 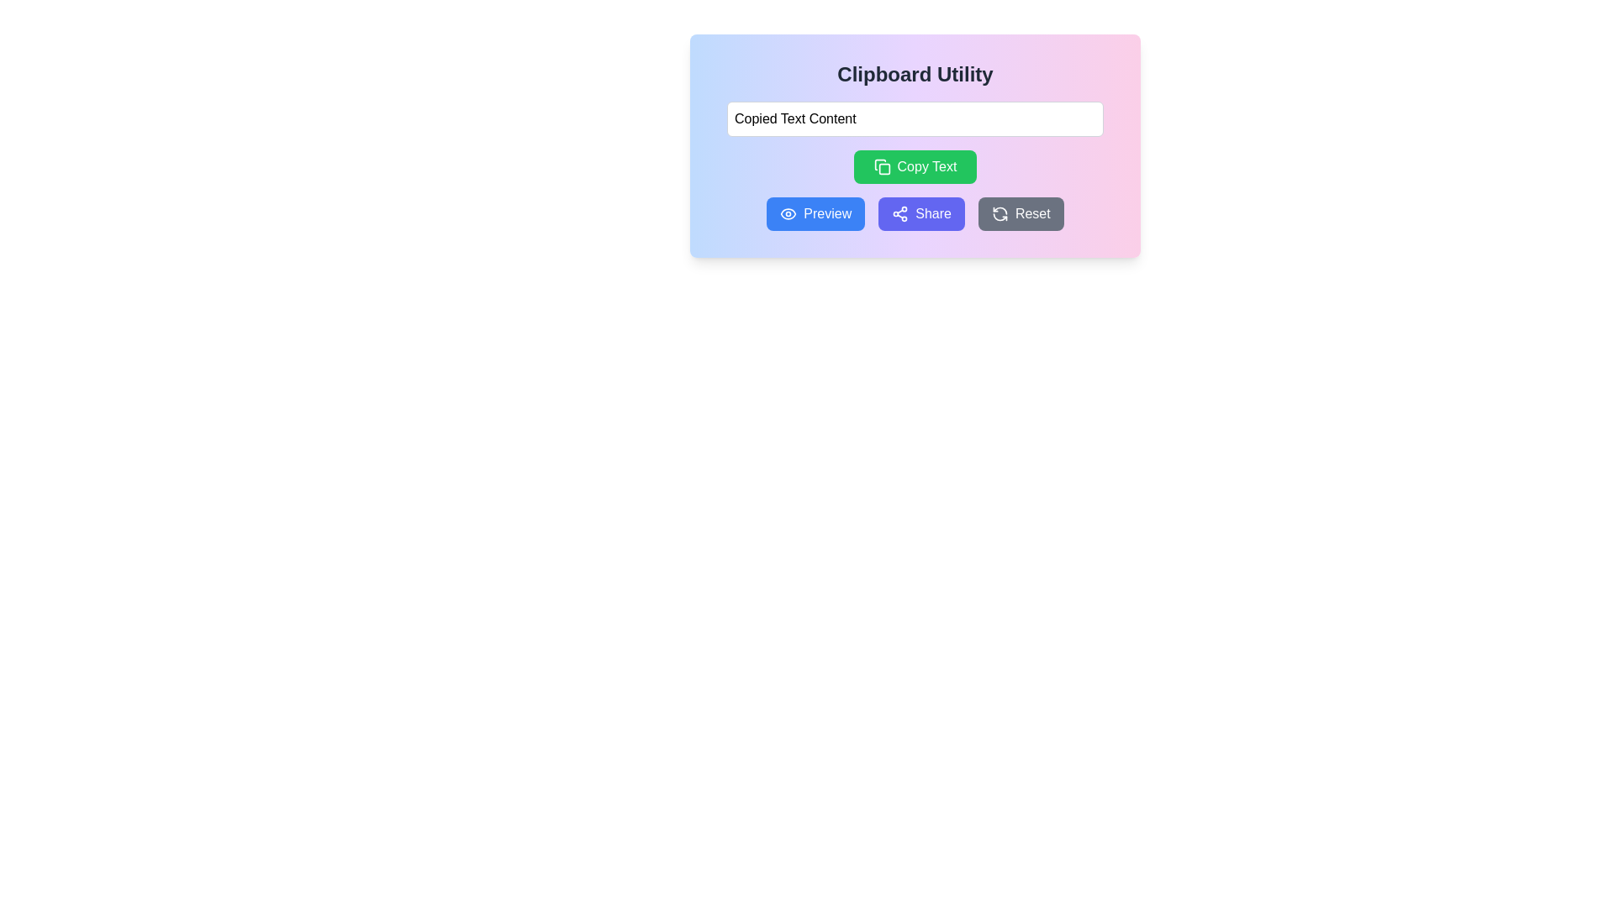 I want to click on the eye icon within the 'Preview' button to receive potential visual feedback, so click(x=788, y=212).